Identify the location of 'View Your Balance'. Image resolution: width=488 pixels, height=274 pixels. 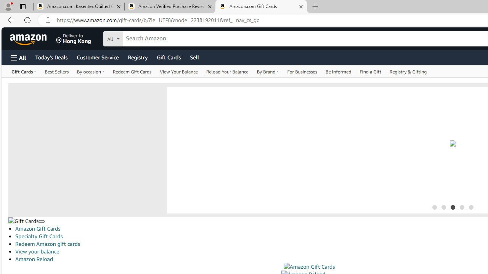
(178, 71).